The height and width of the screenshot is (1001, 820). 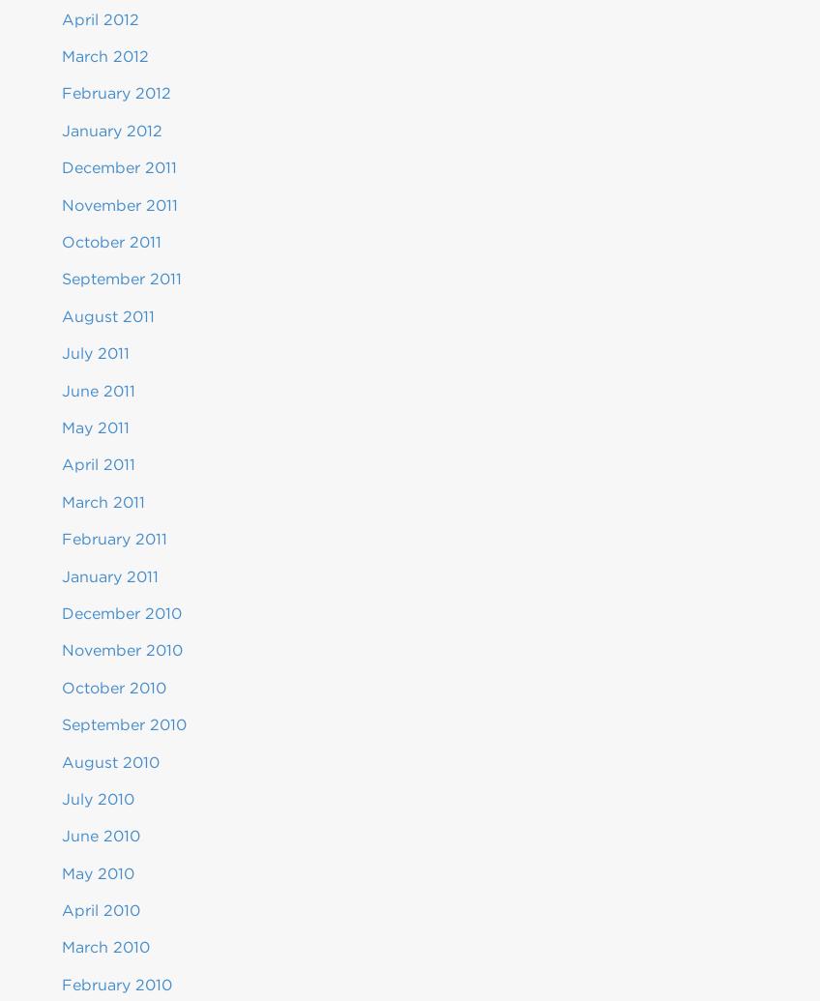 I want to click on 'February 2012', so click(x=115, y=93).